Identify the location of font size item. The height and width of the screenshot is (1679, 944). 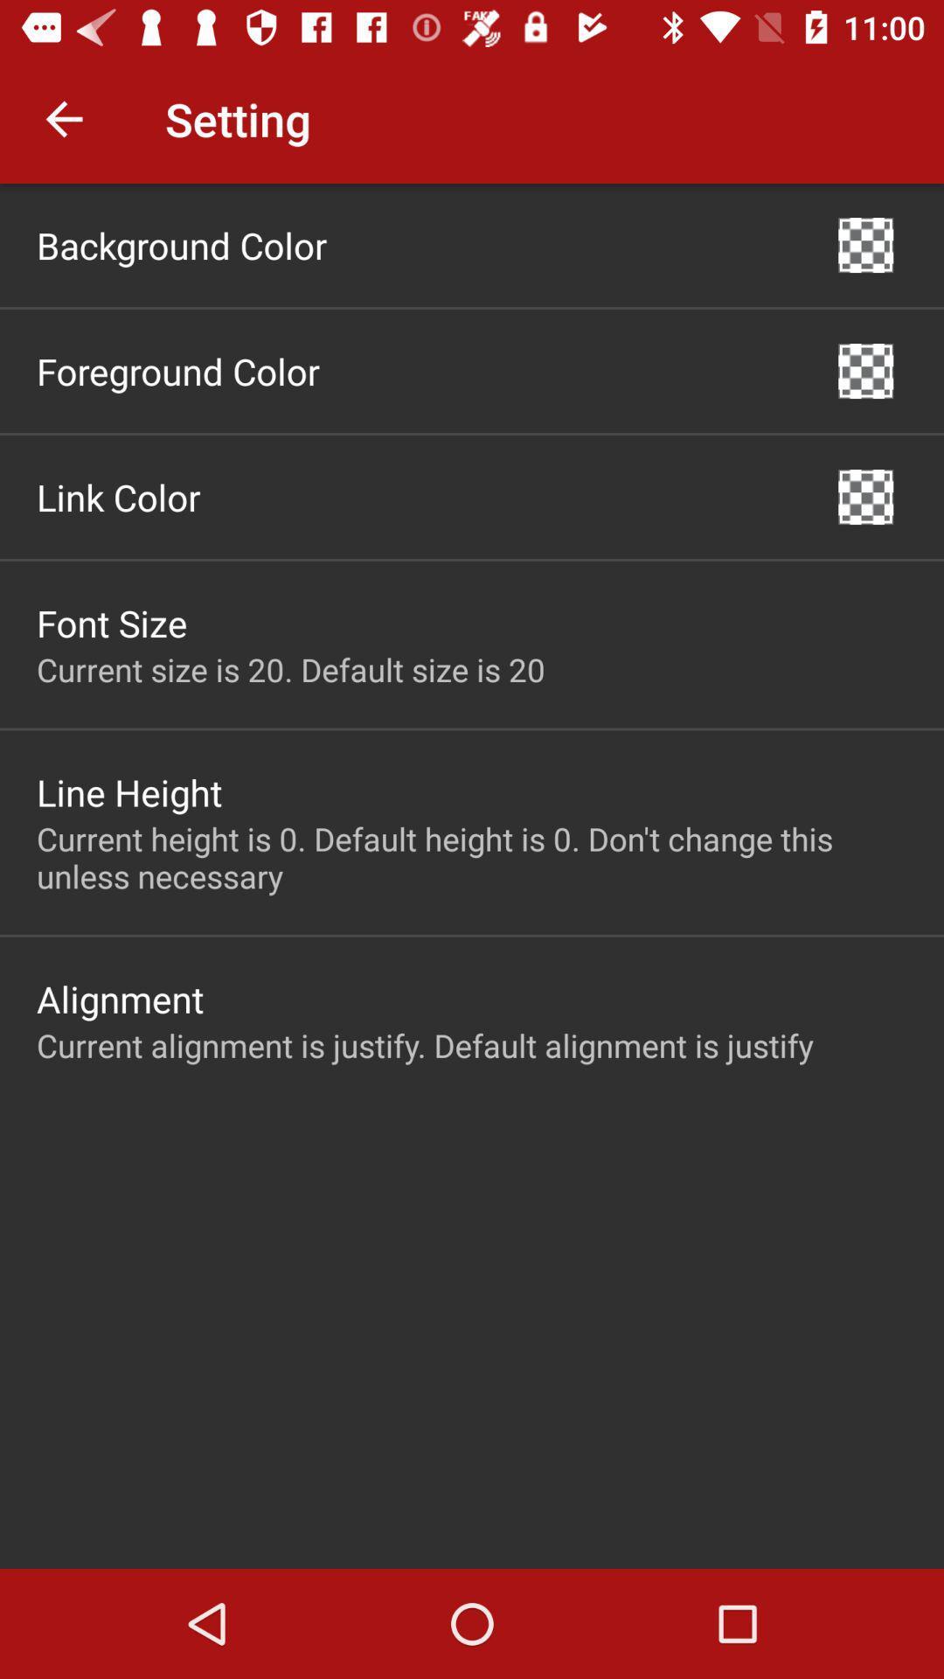
(112, 623).